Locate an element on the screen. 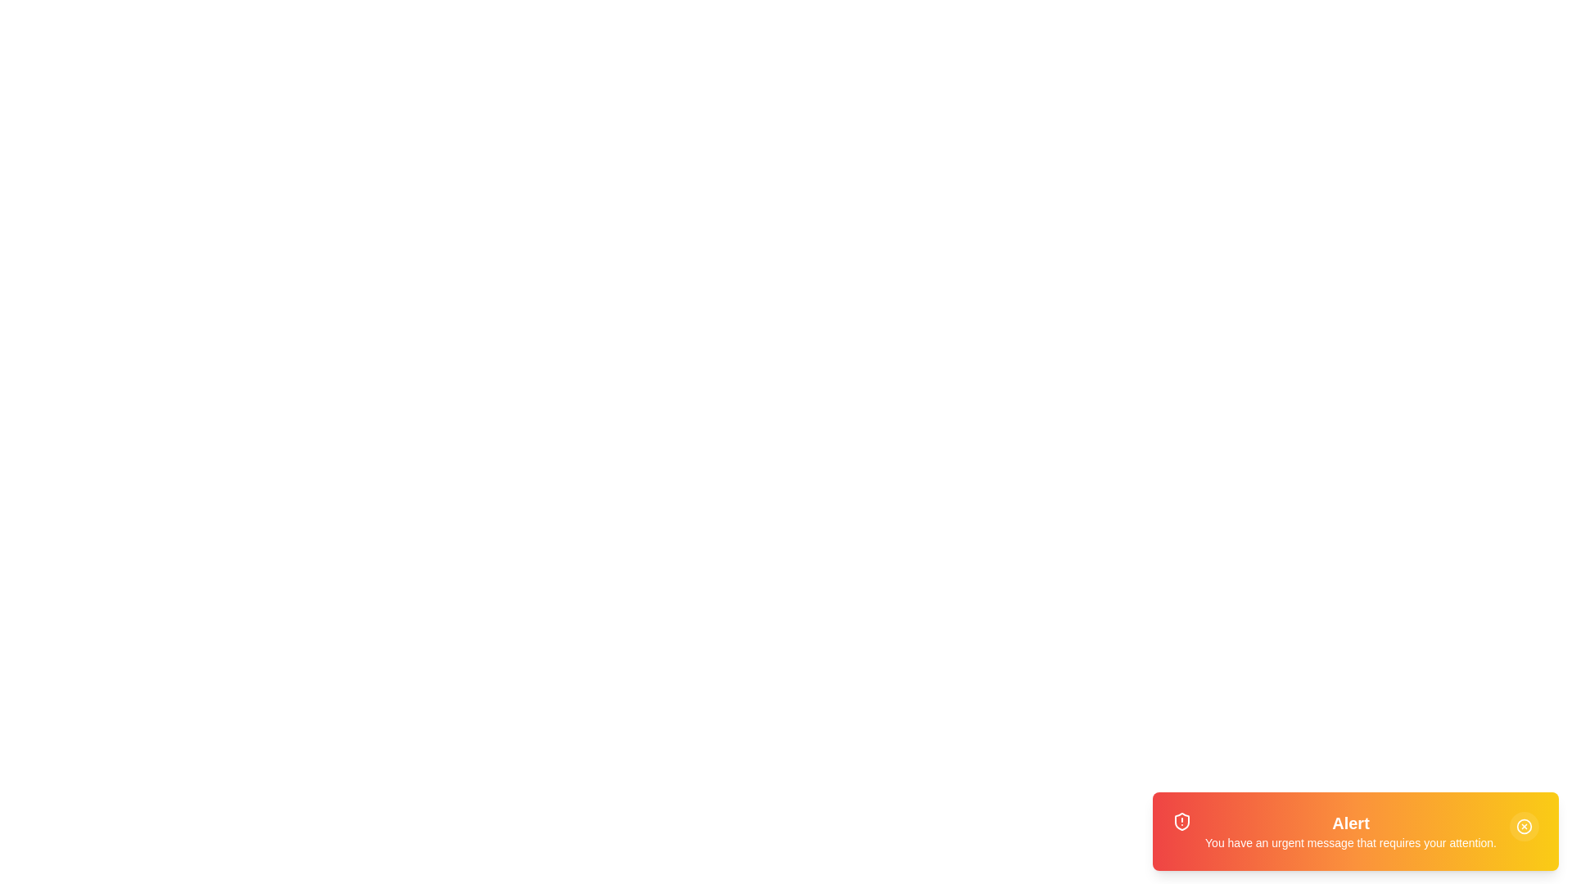 This screenshot has width=1572, height=884. the close button to dismiss the notification is located at coordinates (1524, 827).